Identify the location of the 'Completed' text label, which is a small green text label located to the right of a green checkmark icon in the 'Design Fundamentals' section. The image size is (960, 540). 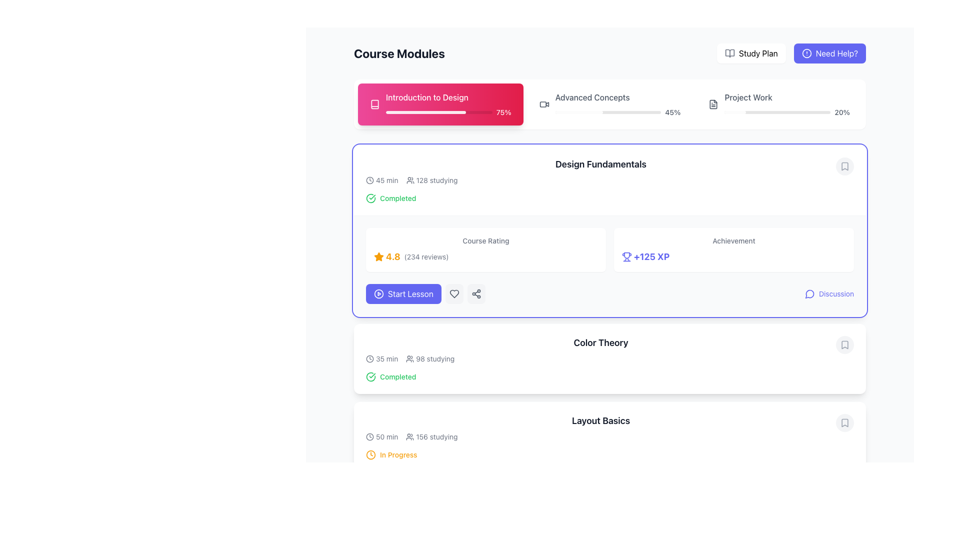
(397, 198).